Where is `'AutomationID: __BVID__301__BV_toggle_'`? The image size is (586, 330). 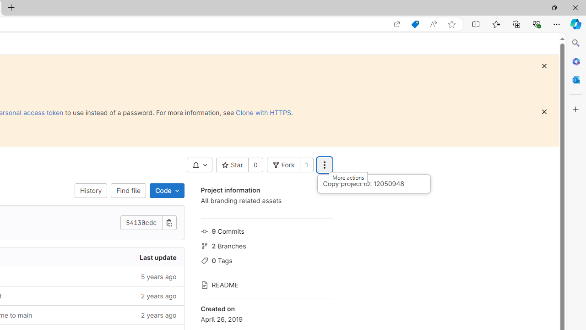
'AutomationID: __BVID__301__BV_toggle_' is located at coordinates (199, 165).